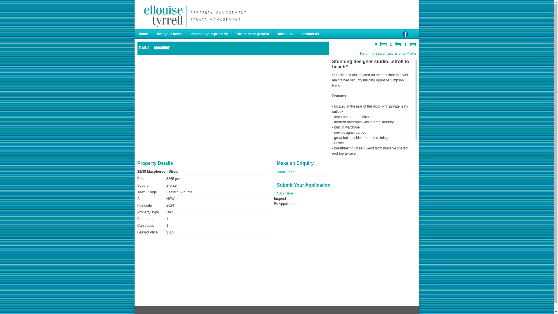 The width and height of the screenshot is (558, 314). Describe the element at coordinates (285, 34) in the screenshot. I see `'about us'` at that location.